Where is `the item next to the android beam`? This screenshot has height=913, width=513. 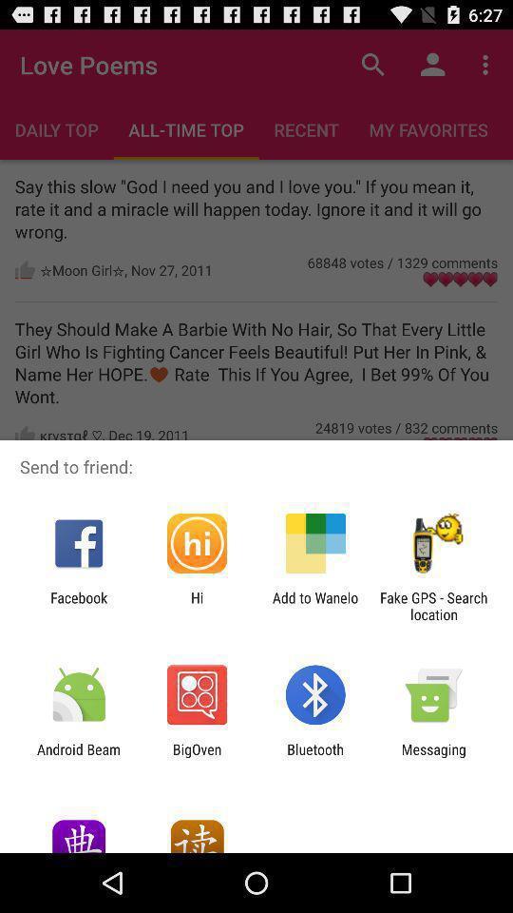
the item next to the android beam is located at coordinates (196, 757).